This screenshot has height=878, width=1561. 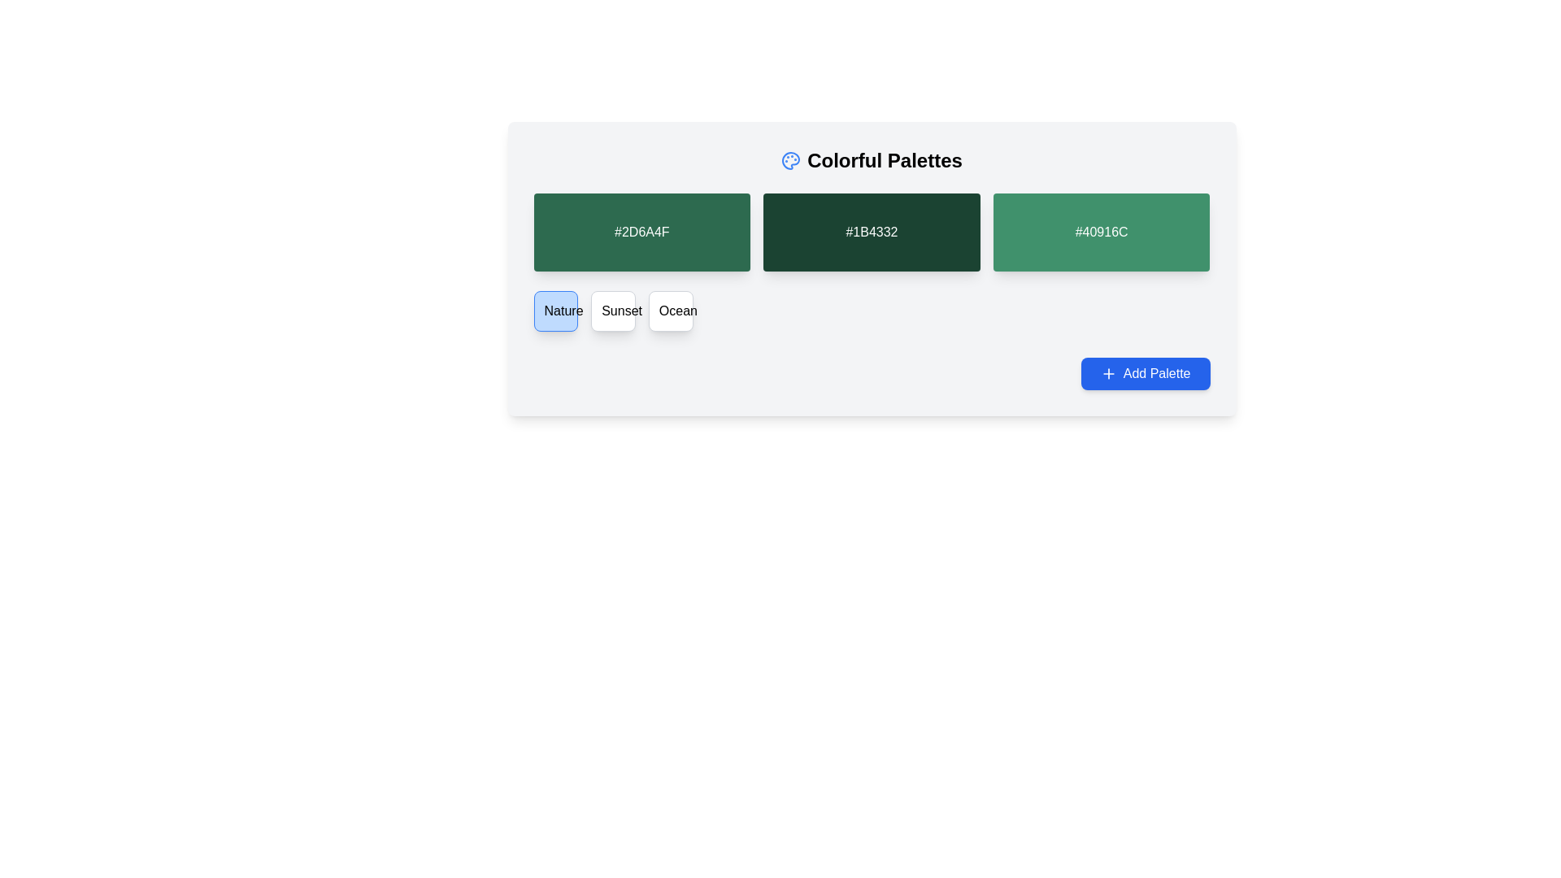 I want to click on the static color swatch displaying the hexadecimal color code '#1B4332', which is the second box in a group of three, styled with a dark green background and rounded corners, so click(x=871, y=232).